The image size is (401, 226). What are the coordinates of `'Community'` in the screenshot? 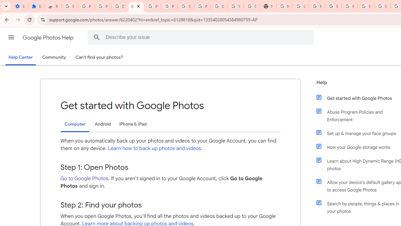 It's located at (54, 57).